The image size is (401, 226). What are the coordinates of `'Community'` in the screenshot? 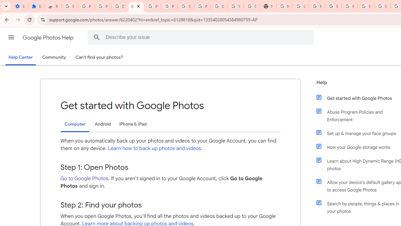 It's located at (54, 57).